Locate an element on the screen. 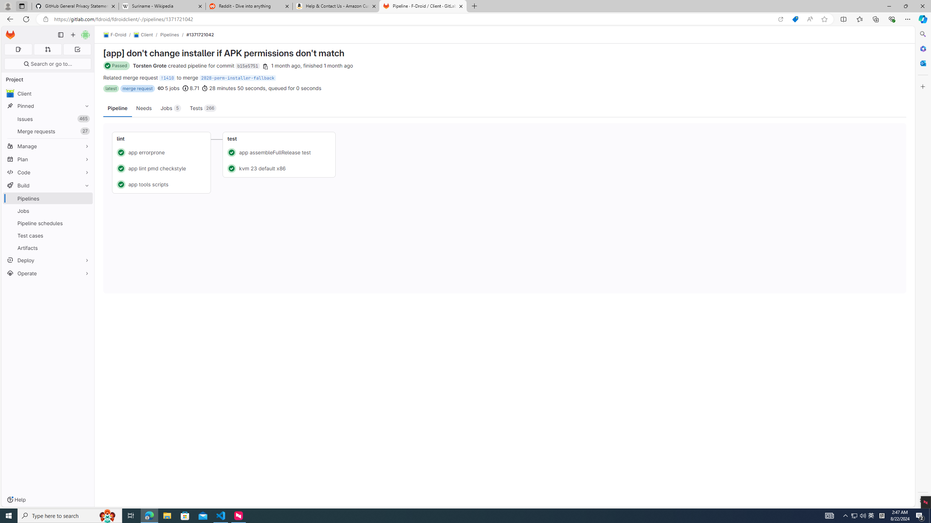 The width and height of the screenshot is (931, 523). 'Pinned' is located at coordinates (47, 106).